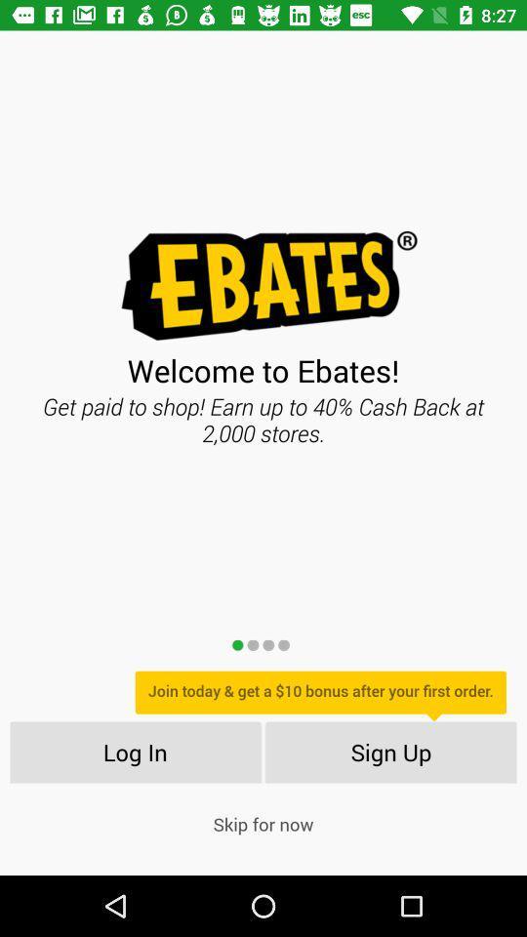  What do you see at coordinates (134, 751) in the screenshot?
I see `item next to the sign up icon` at bounding box center [134, 751].